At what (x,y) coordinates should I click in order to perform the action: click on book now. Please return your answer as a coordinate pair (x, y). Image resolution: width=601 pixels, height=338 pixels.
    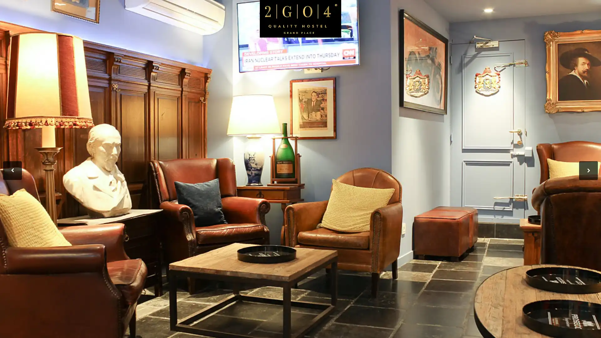
    Looking at the image, I should click on (549, 51).